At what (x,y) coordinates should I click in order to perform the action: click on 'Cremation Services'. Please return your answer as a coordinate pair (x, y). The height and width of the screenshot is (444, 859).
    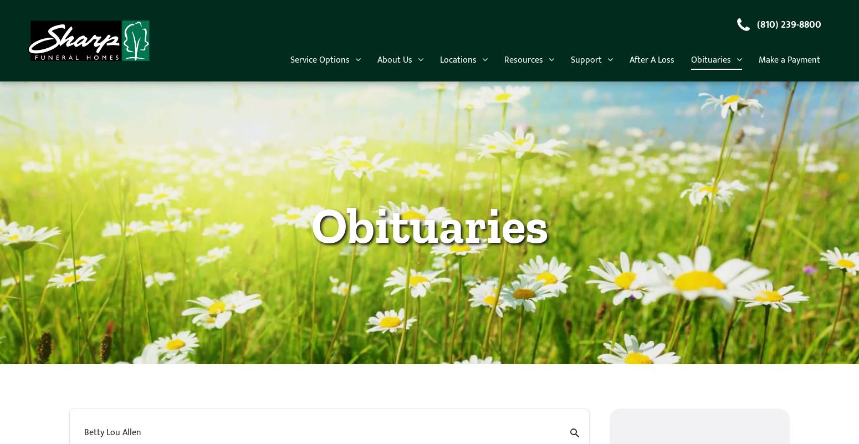
    Looking at the image, I should click on (420, 168).